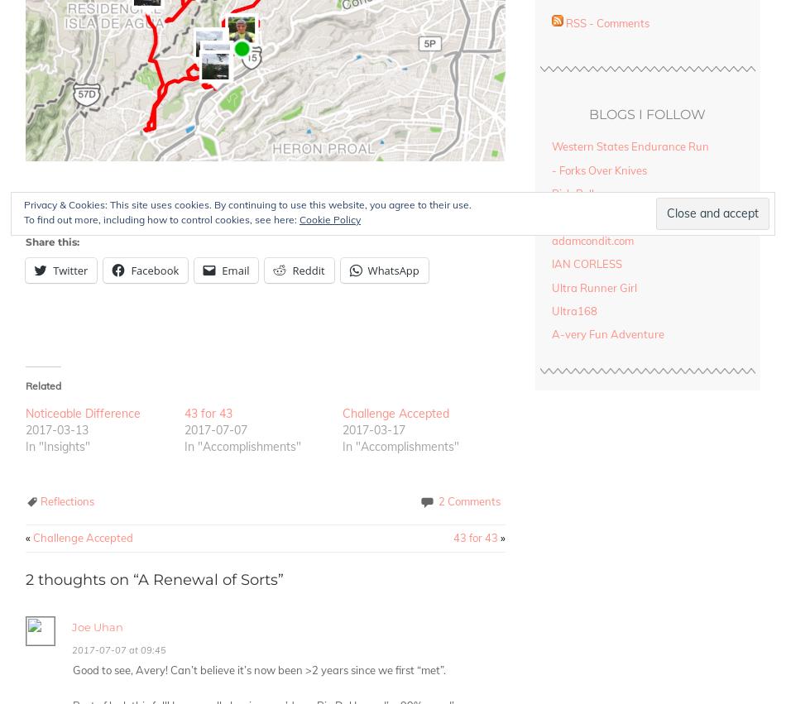 The image size is (786, 704). Describe the element at coordinates (393, 270) in the screenshot. I see `'WhatsApp'` at that location.